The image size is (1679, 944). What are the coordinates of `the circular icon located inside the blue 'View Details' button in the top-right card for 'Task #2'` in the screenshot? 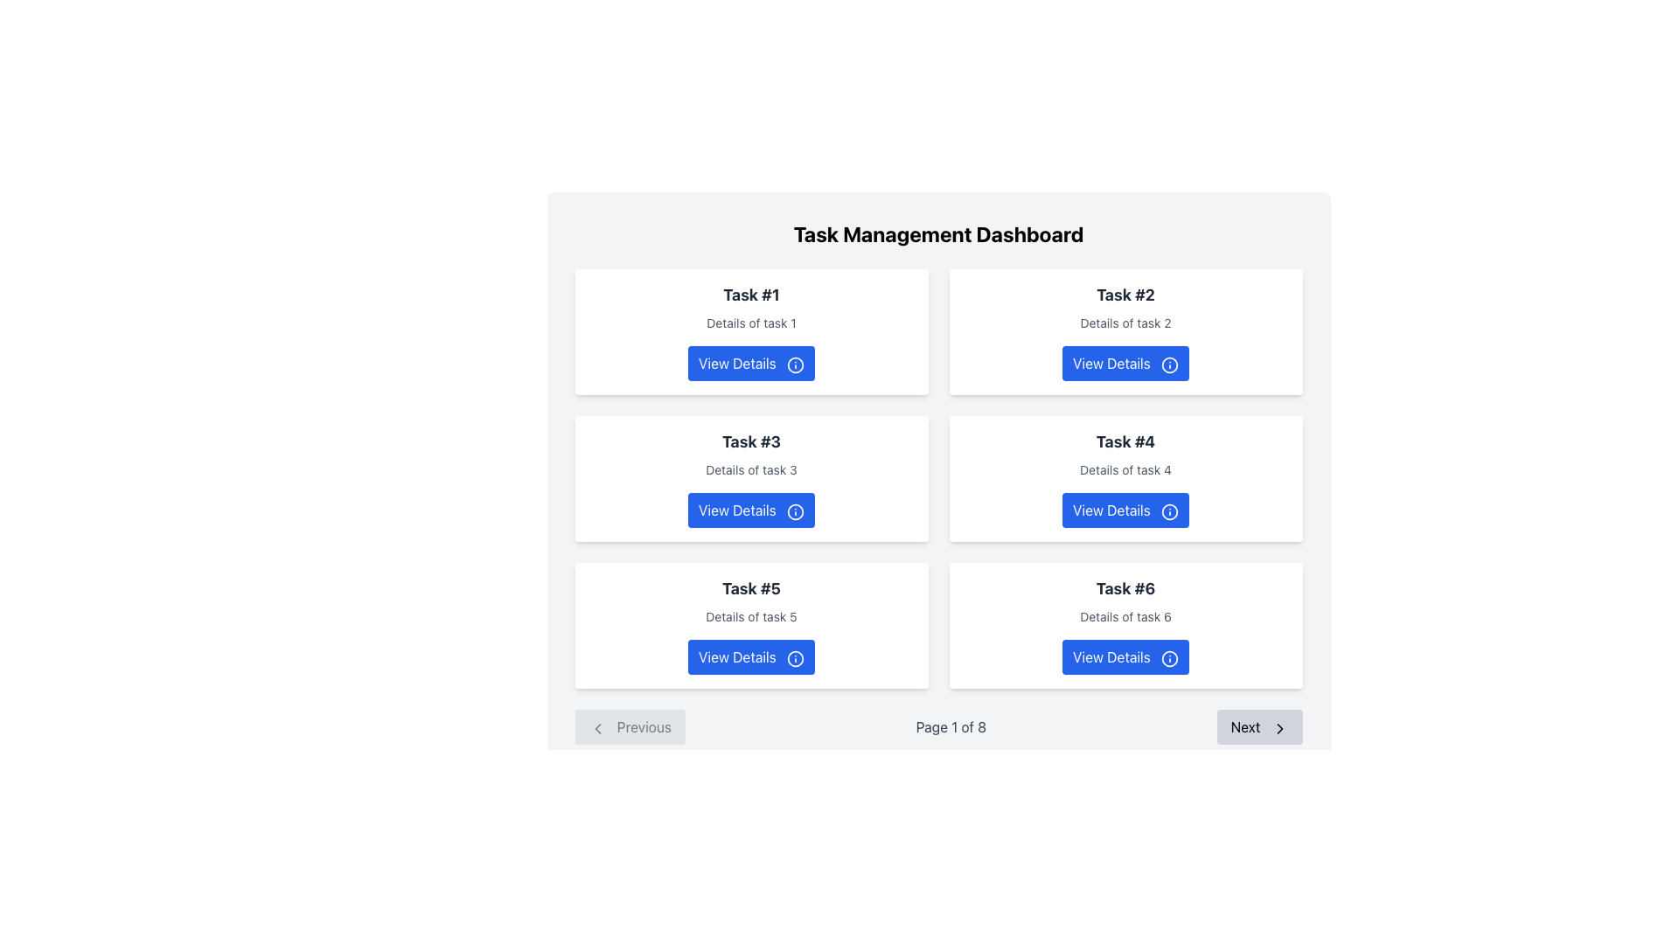 It's located at (1170, 364).